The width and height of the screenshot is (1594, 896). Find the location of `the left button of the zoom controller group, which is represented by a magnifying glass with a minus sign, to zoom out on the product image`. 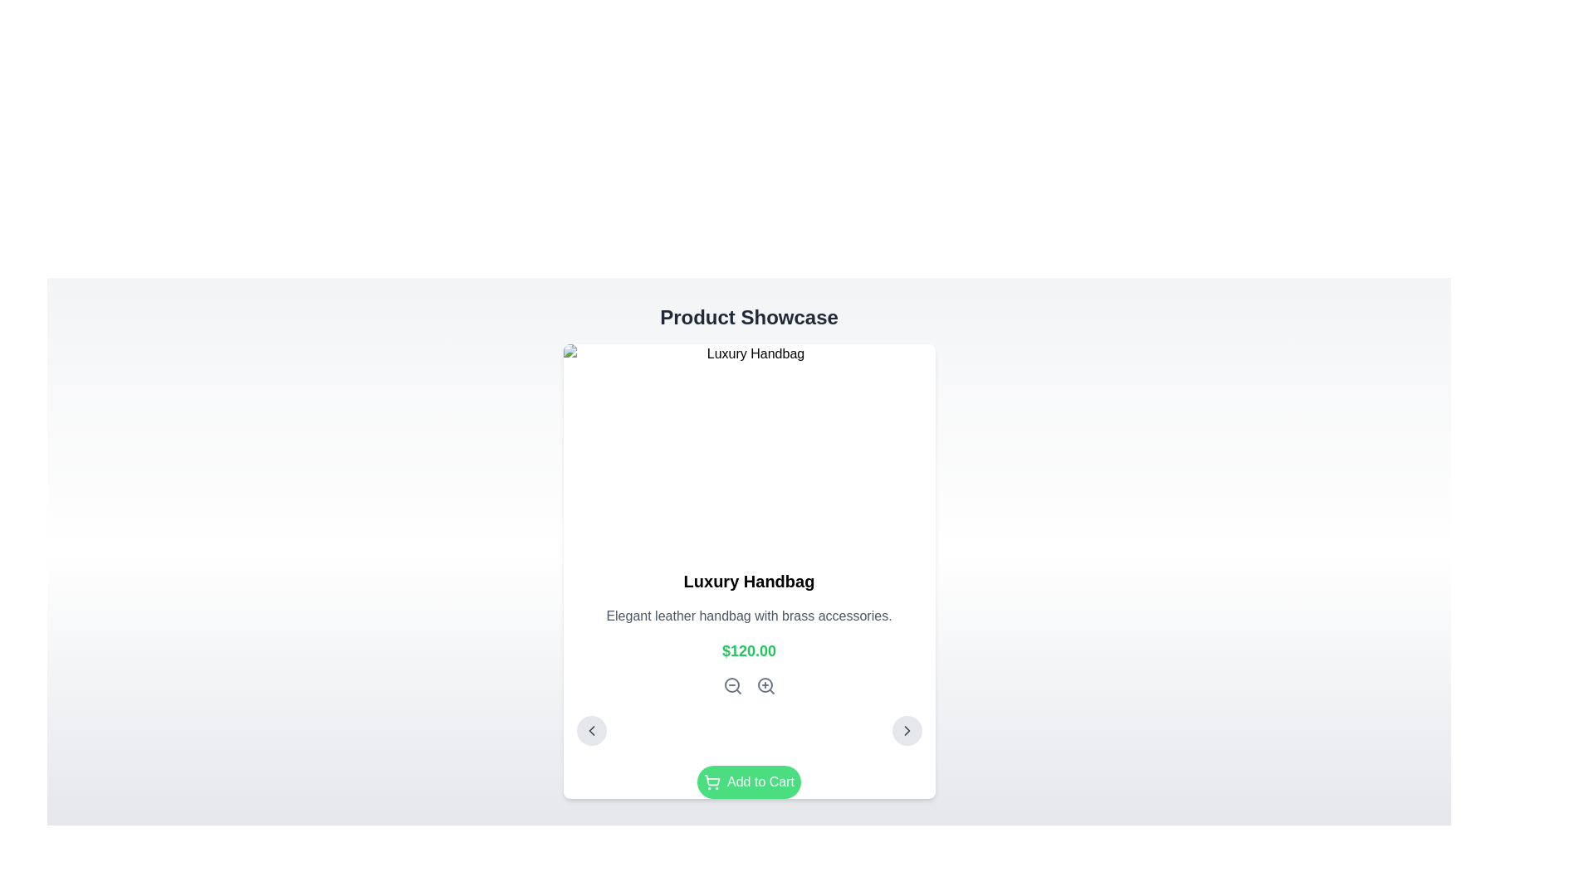

the left button of the zoom controller group, which is represented by a magnifying glass with a minus sign, to zoom out on the product image is located at coordinates (748, 685).